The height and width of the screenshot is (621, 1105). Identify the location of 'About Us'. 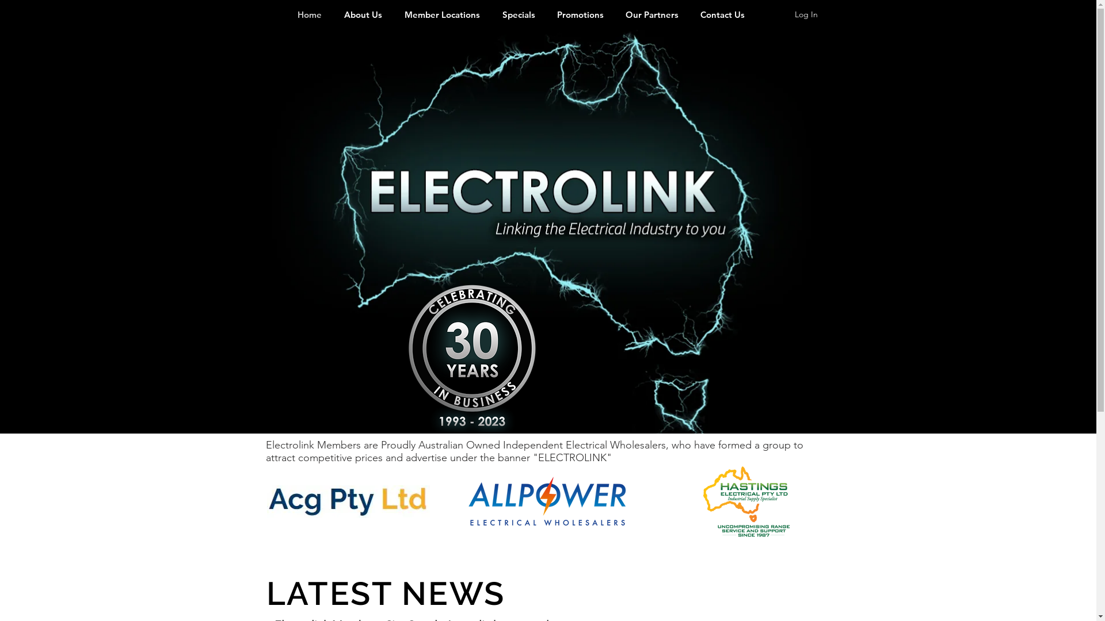
(362, 14).